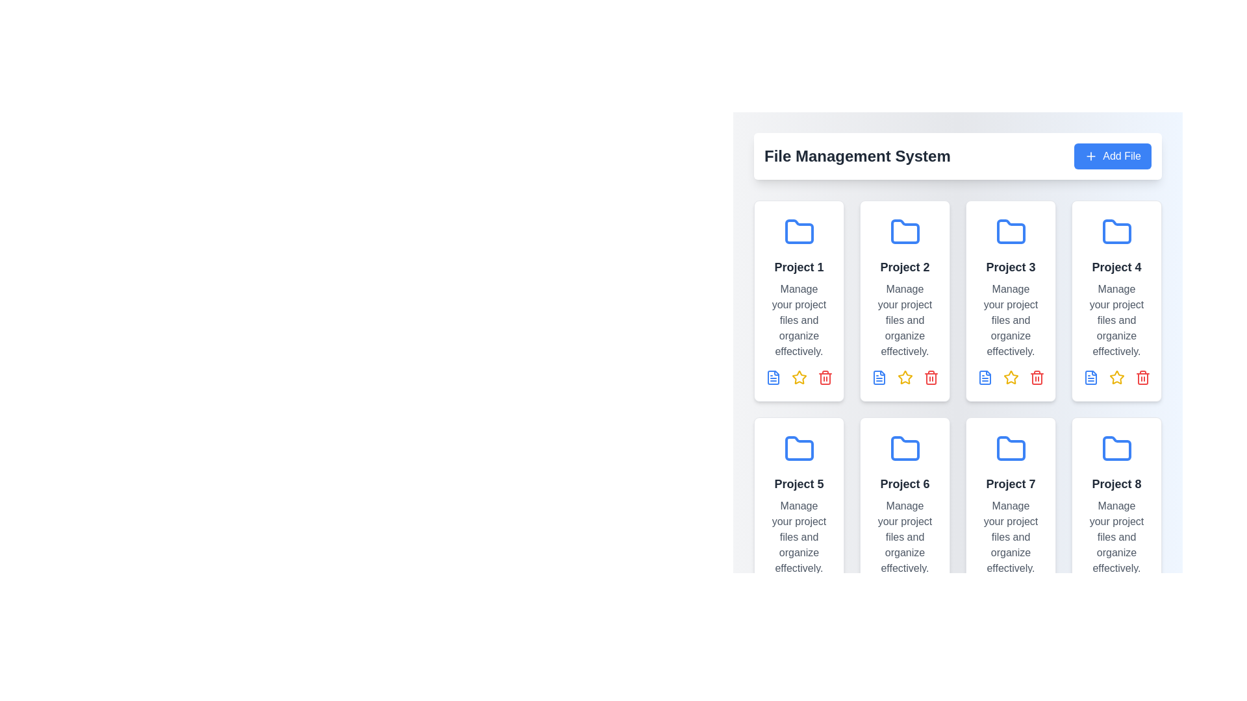 This screenshot has width=1247, height=701. What do you see at coordinates (1090, 378) in the screenshot?
I see `the file icon located at the top right of the interface within the 'Project 4' card` at bounding box center [1090, 378].